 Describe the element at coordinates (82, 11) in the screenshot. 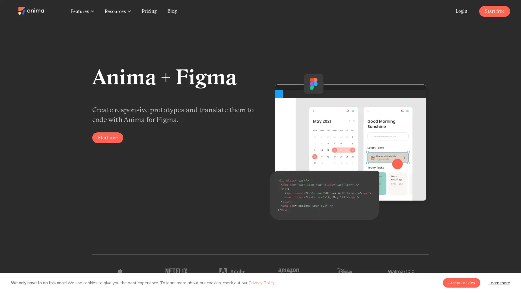

I see `Features` at that location.